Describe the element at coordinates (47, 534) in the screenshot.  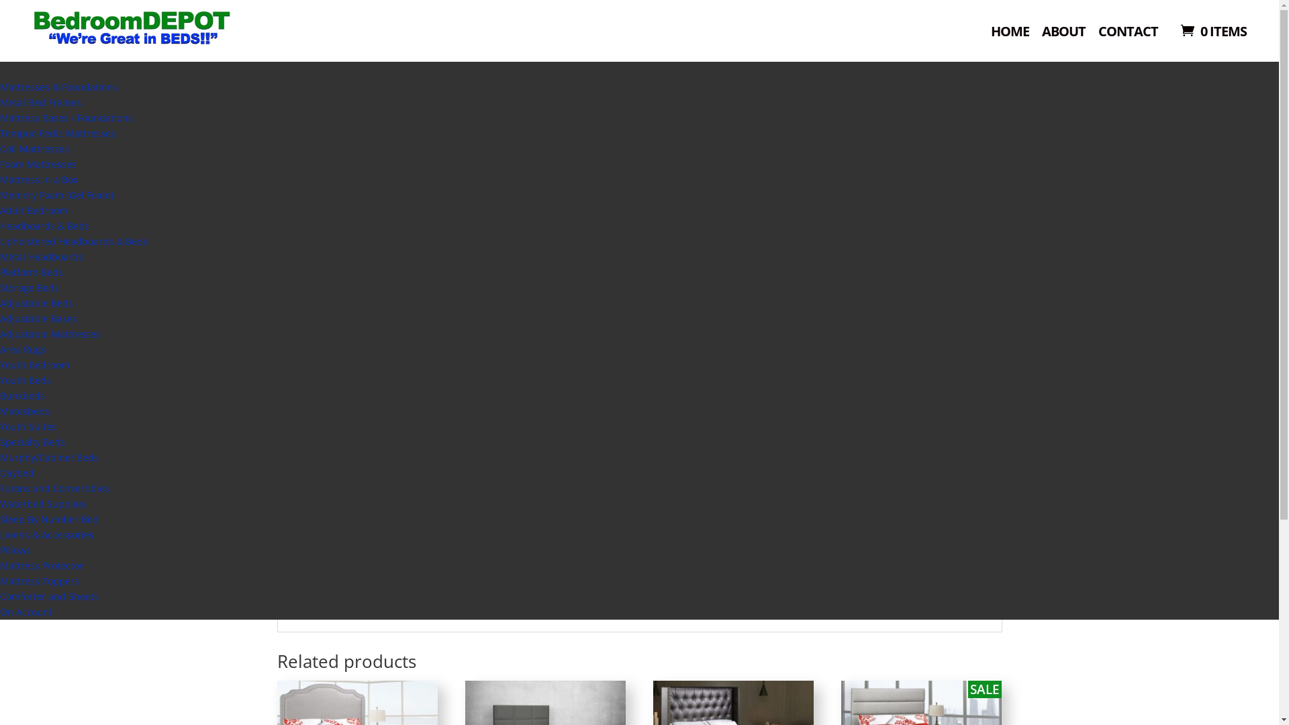
I see `'Linens & Accessories'` at that location.